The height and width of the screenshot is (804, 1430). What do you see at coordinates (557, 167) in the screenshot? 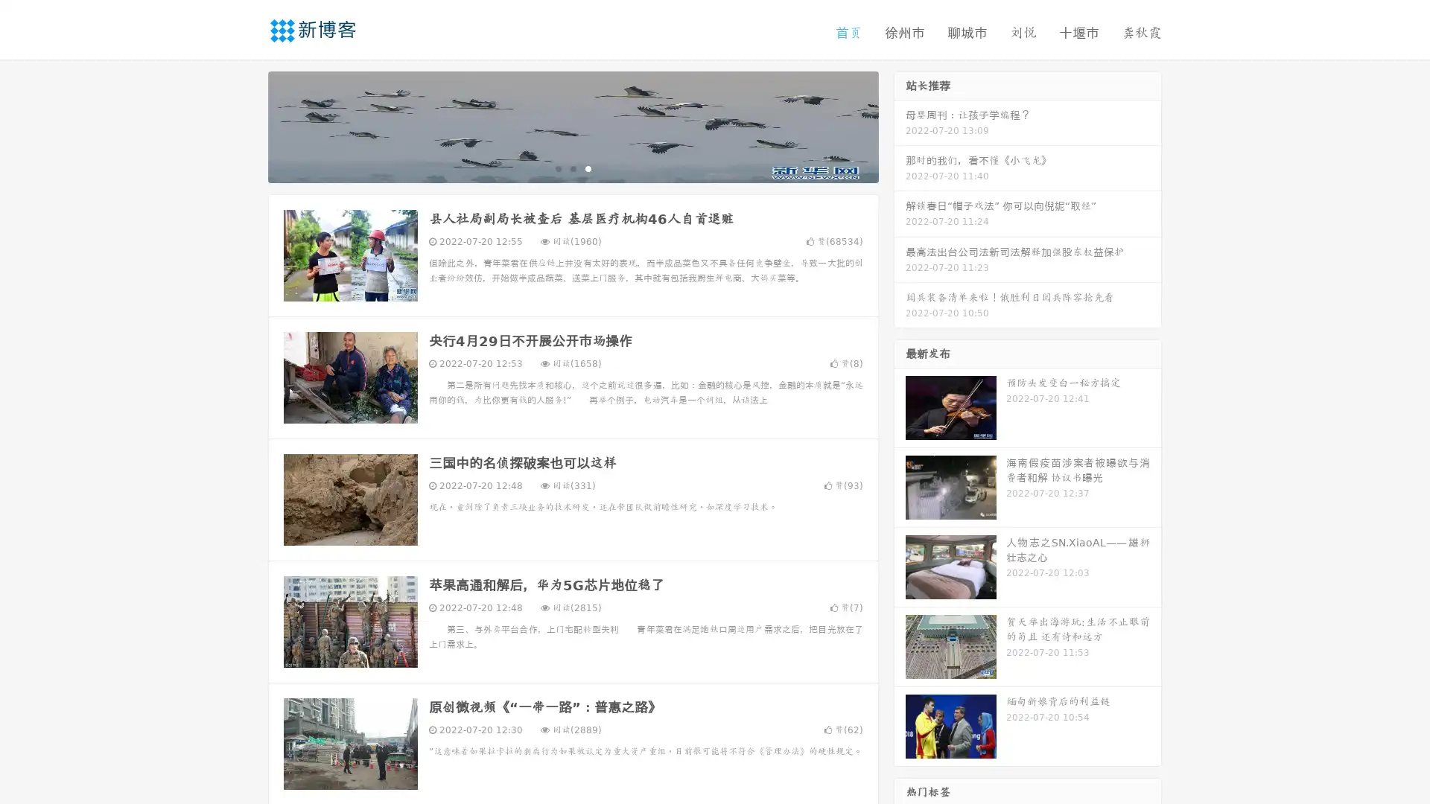
I see `Go to slide 1` at bounding box center [557, 167].